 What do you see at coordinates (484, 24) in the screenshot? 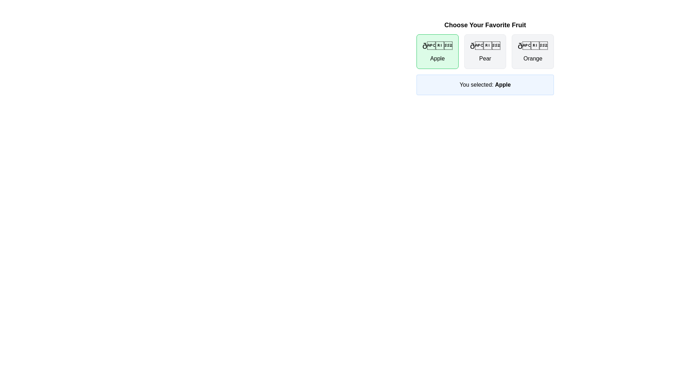
I see `the text label that states 'Choose Your Favorite Fruit', which is styled prominently and serves as a heading above the fruit selection buttons` at bounding box center [484, 24].